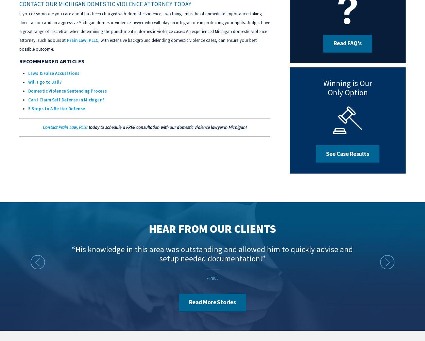  I want to click on 'Only Option', so click(347, 92).